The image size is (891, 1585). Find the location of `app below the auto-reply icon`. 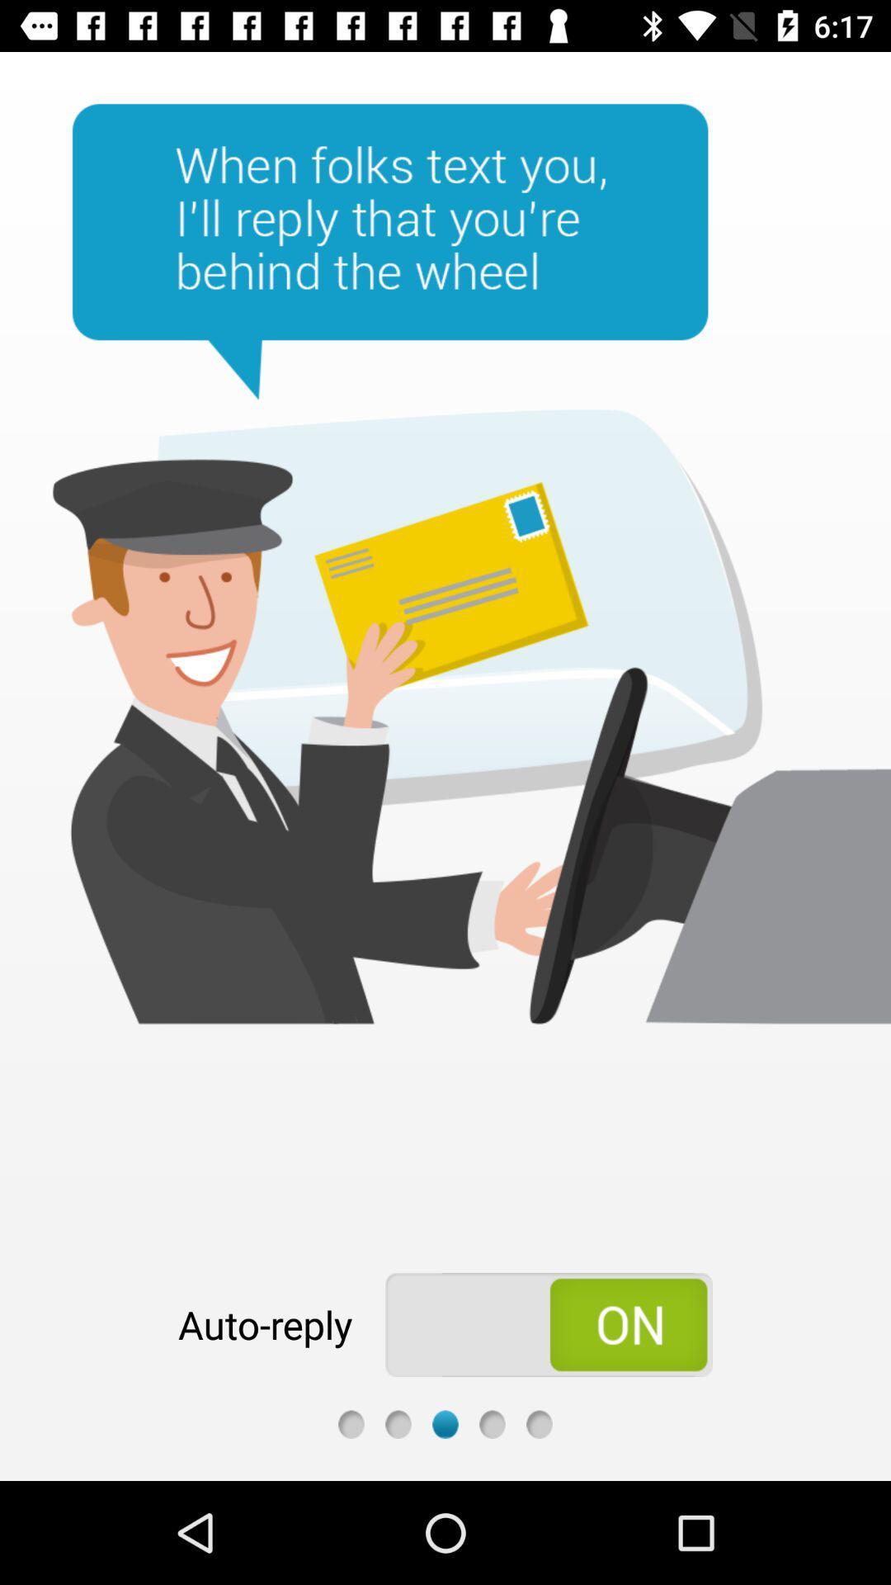

app below the auto-reply icon is located at coordinates (350, 1423).